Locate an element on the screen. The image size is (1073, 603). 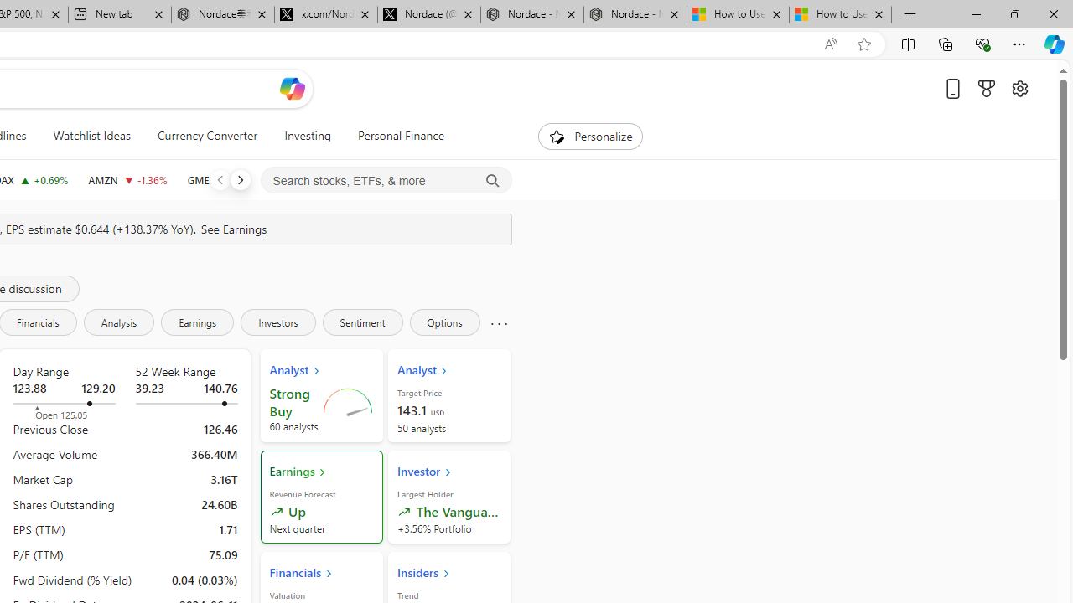
'Personalize' is located at coordinates (590, 136).